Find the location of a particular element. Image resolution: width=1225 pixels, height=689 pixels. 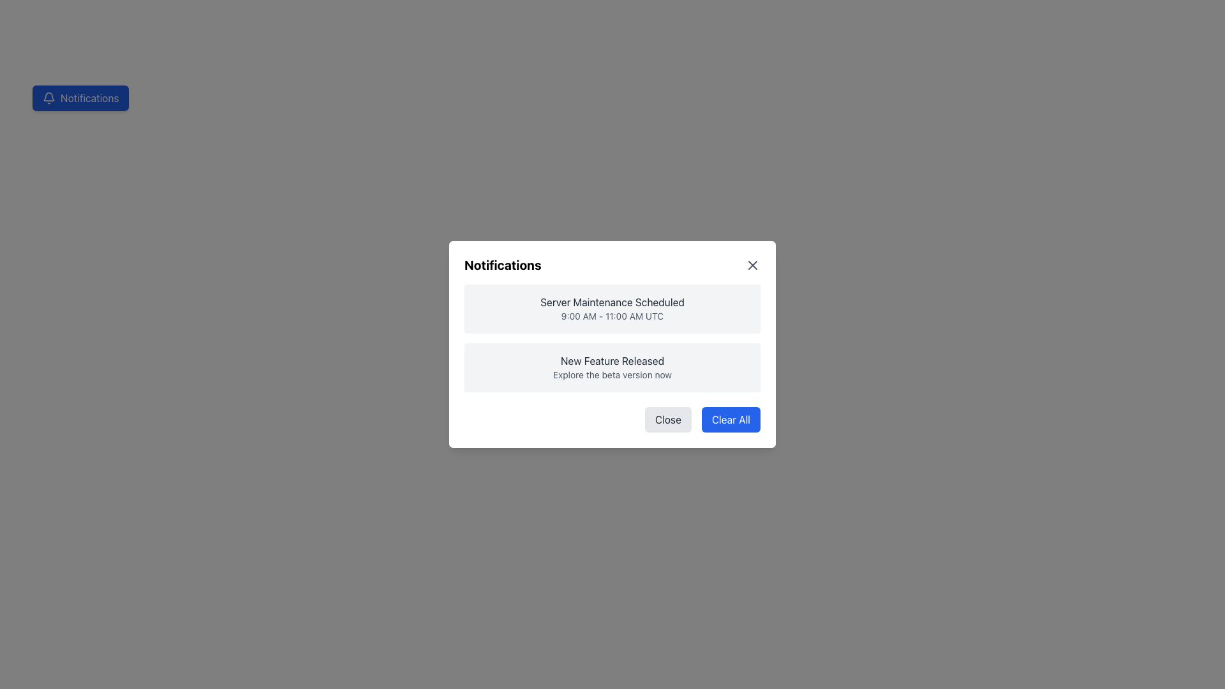

the 'Close' button located at the bottom-right of the modal dialog is located at coordinates (667, 420).